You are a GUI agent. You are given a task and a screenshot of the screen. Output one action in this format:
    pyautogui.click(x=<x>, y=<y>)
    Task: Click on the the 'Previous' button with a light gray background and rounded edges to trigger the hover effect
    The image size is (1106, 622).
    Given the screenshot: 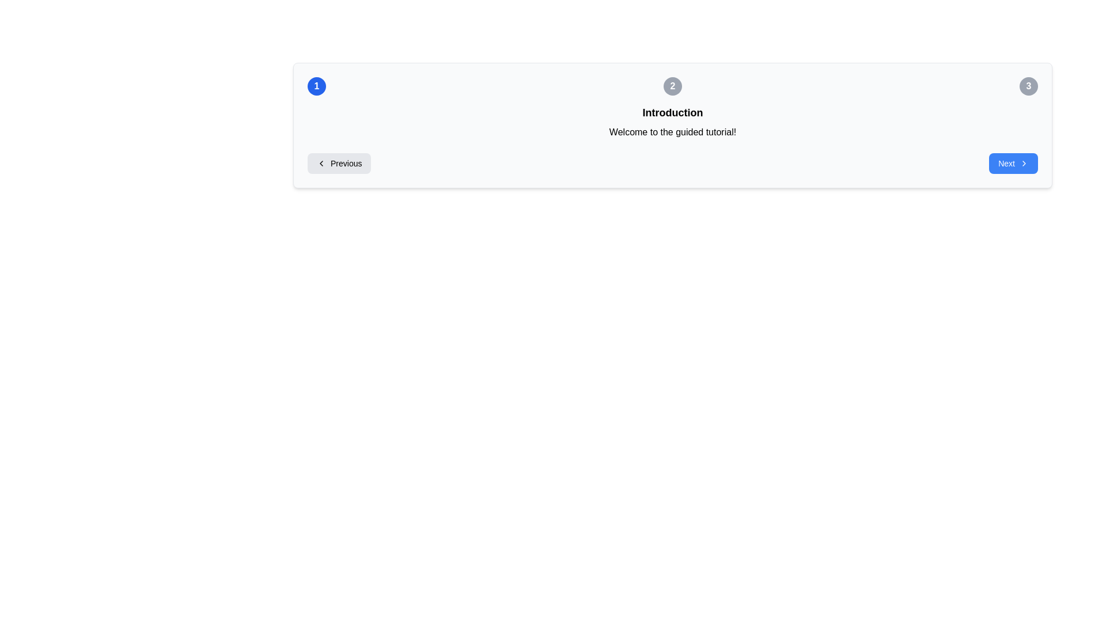 What is the action you would take?
    pyautogui.click(x=339, y=164)
    